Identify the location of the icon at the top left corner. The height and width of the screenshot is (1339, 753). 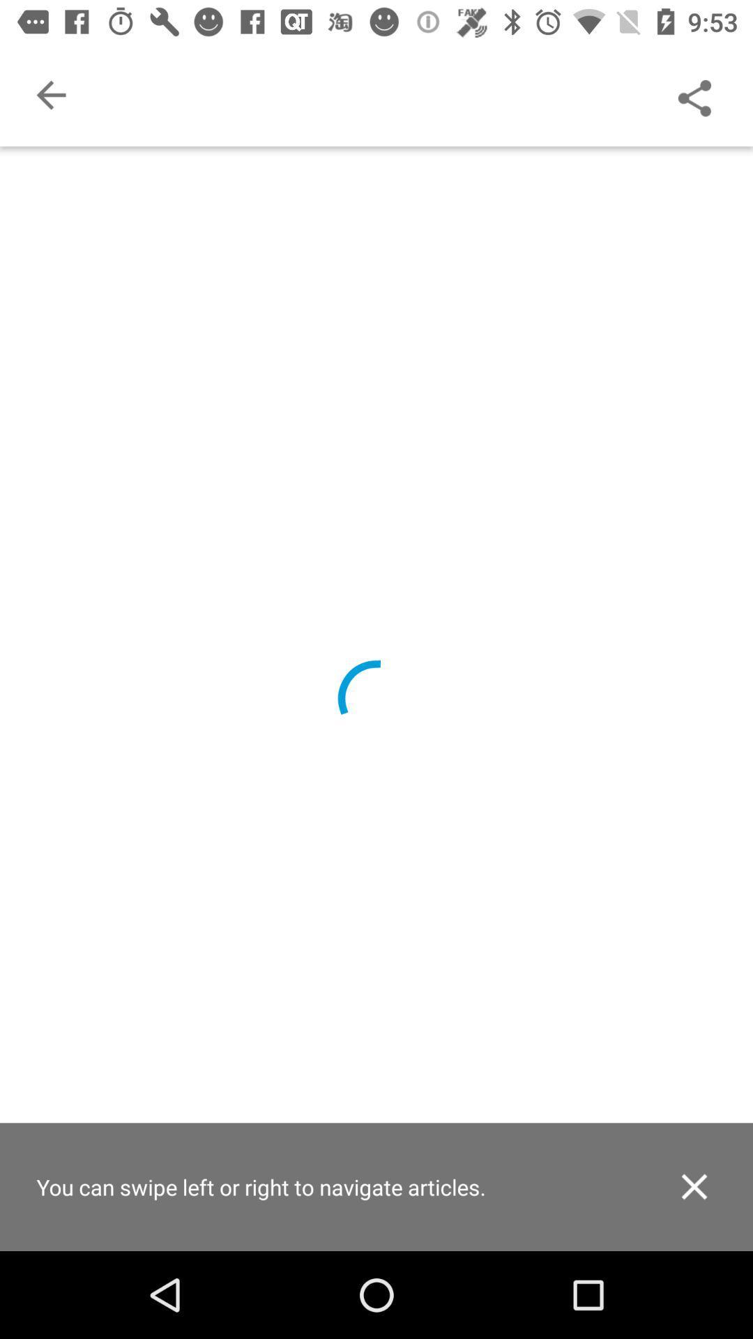
(50, 94).